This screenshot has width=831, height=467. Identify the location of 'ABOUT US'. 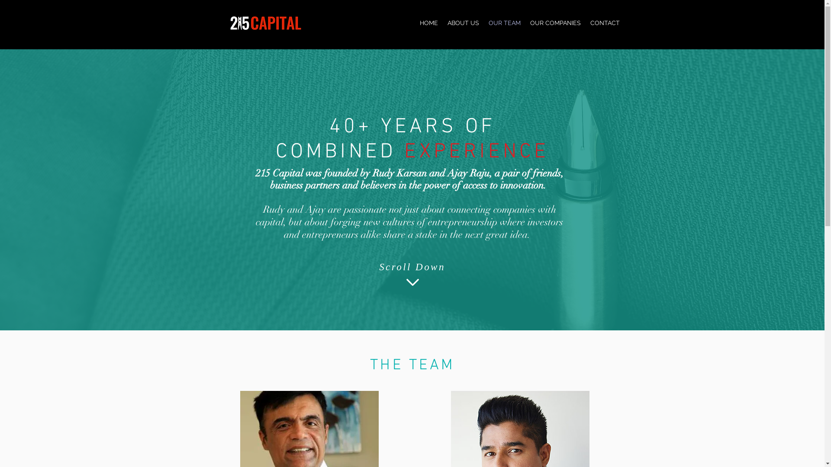
(462, 22).